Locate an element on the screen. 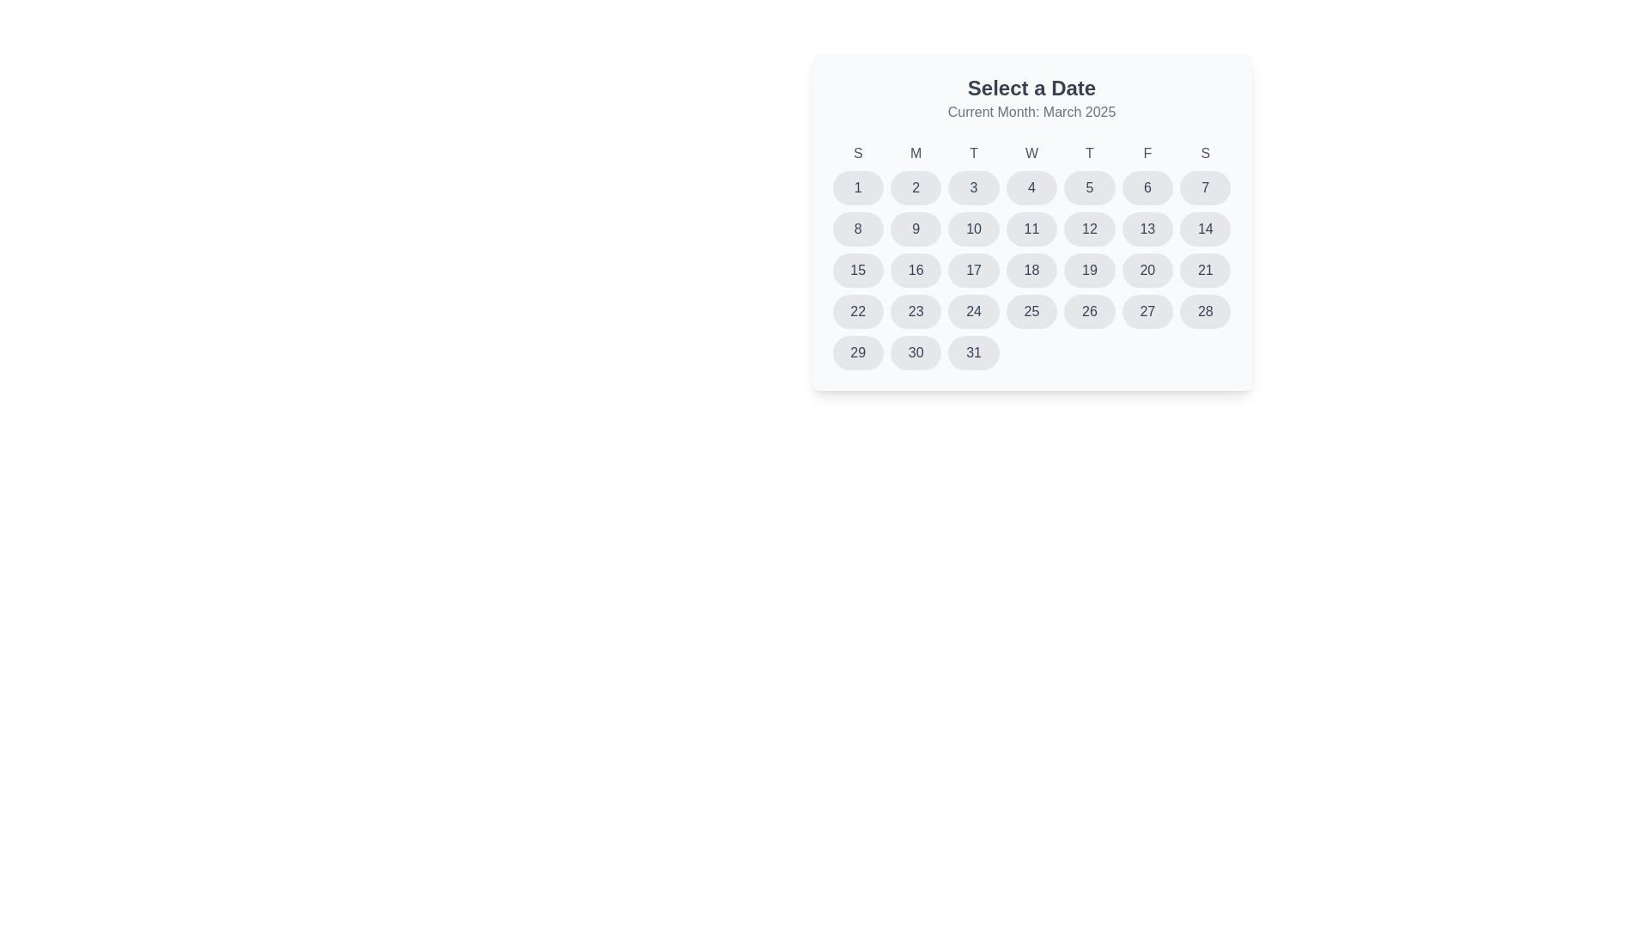  the button representing the 21st day of the month in the sixth column of the fourth row in the date selection grid is located at coordinates (1204, 271).